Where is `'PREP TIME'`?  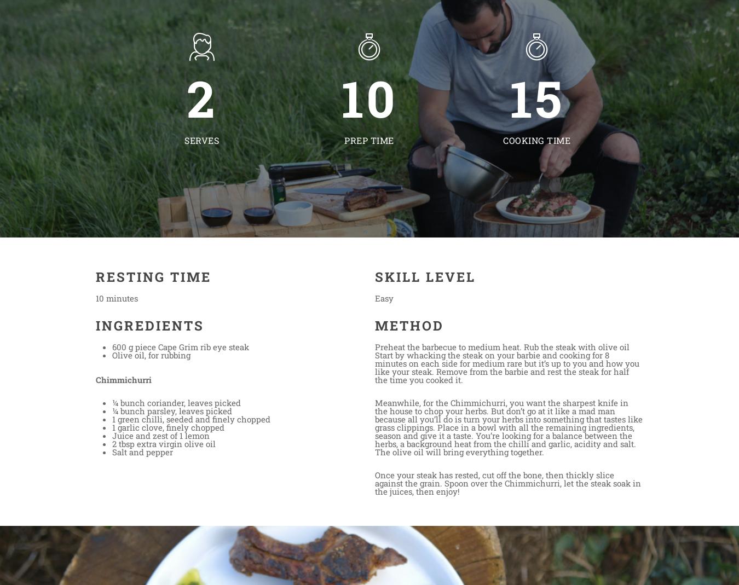 'PREP TIME' is located at coordinates (369, 139).